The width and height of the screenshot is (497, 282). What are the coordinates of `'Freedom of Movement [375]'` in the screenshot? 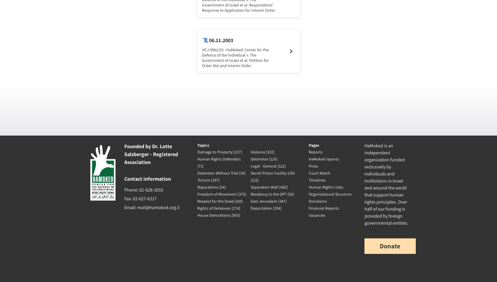 It's located at (221, 194).